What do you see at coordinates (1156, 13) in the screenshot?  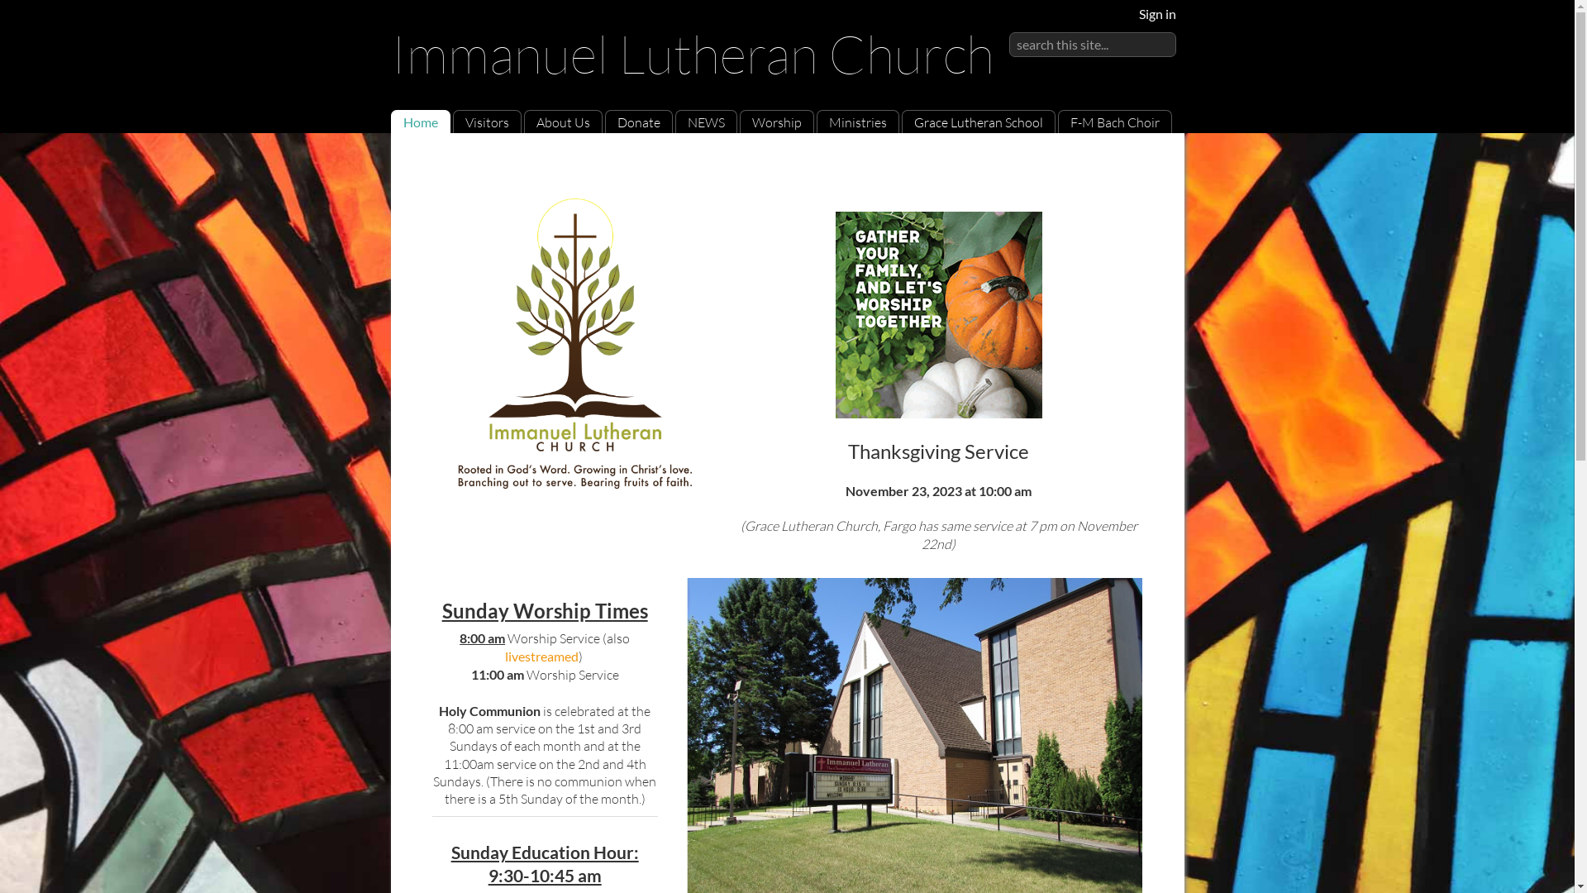 I see `'Sign in'` at bounding box center [1156, 13].